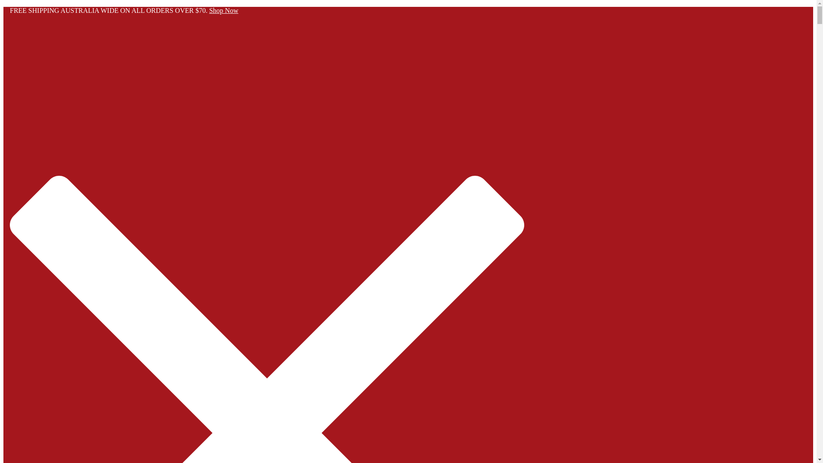  Describe the element at coordinates (224, 10) in the screenshot. I see `'Shop Now'` at that location.